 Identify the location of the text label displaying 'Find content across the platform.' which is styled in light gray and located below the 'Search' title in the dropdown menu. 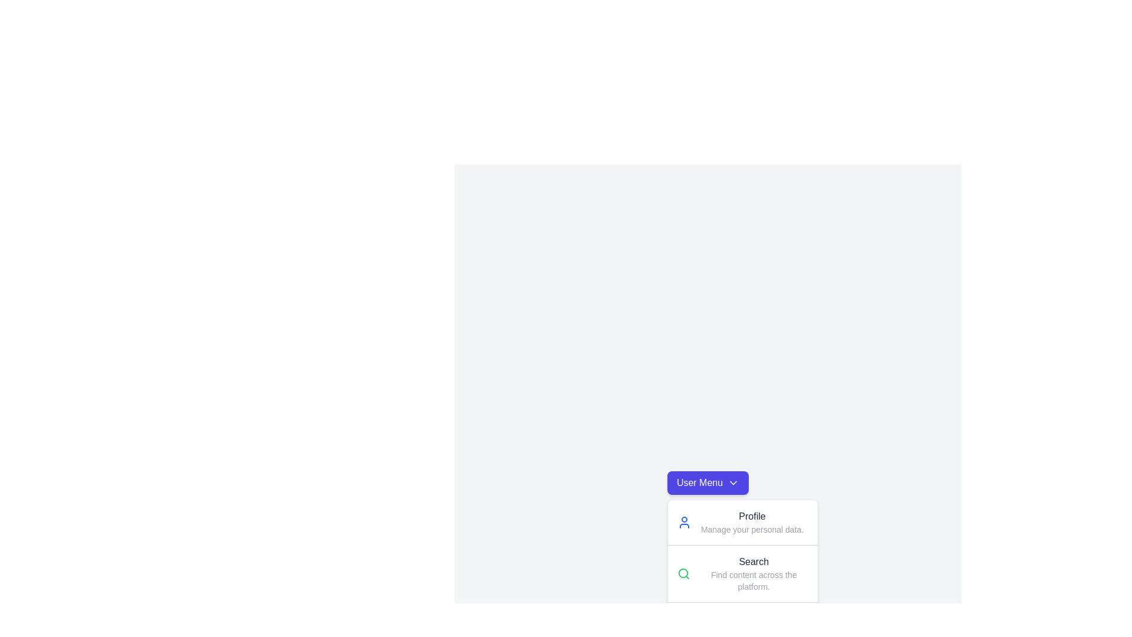
(753, 580).